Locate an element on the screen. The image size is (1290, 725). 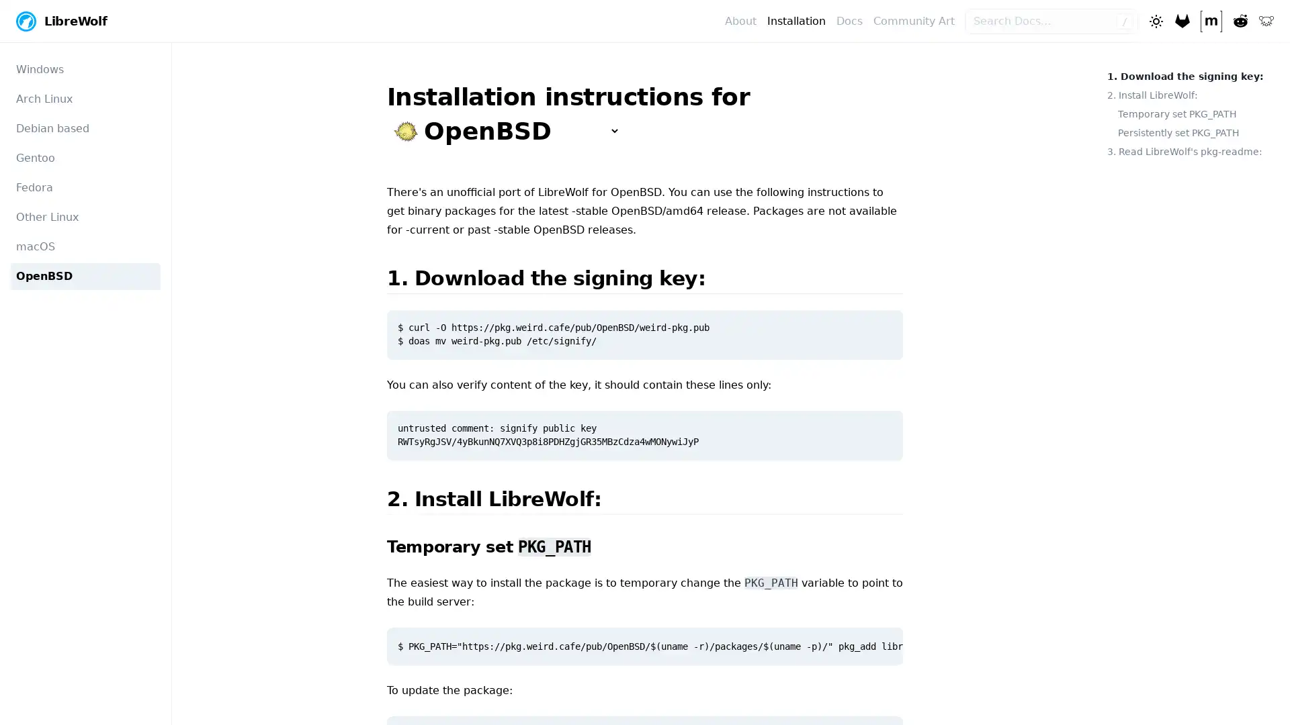
Toggle theme is located at coordinates (1154, 20).